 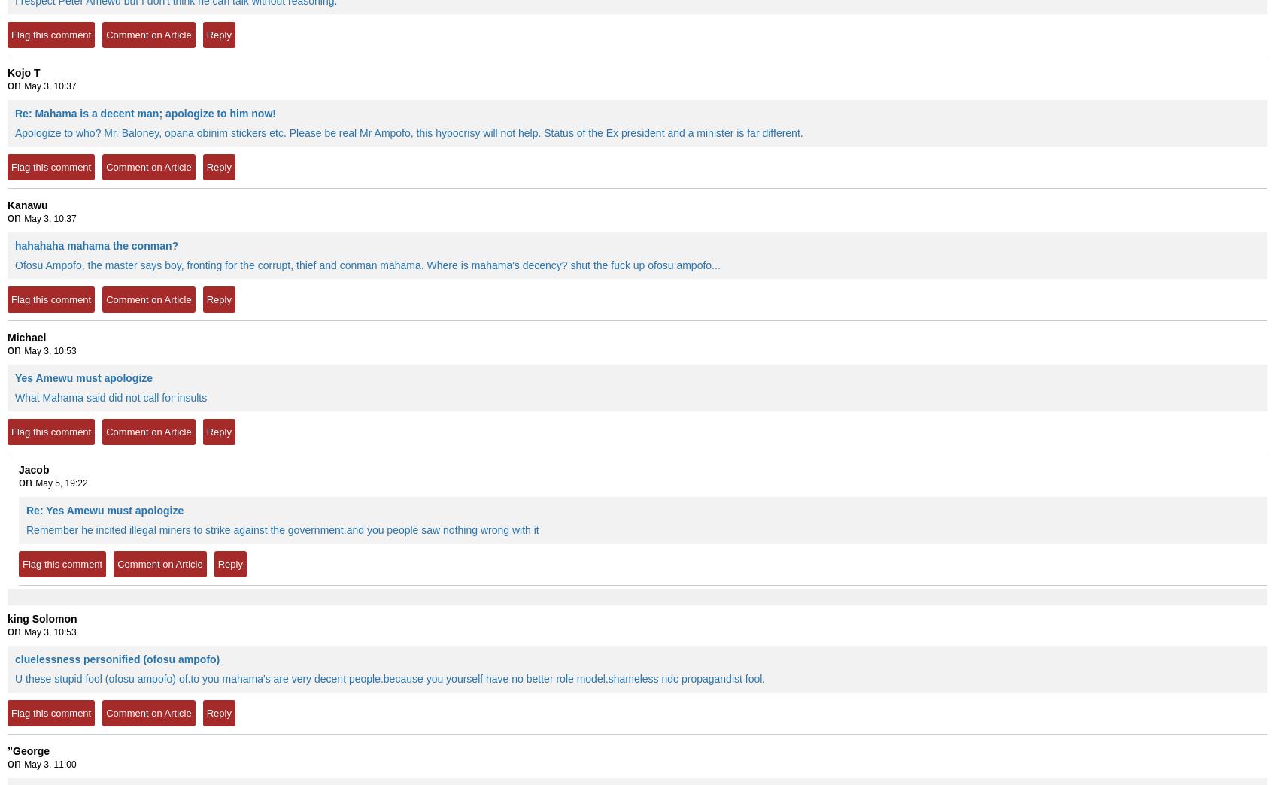 What do you see at coordinates (28, 751) in the screenshot?
I see `'”George'` at bounding box center [28, 751].